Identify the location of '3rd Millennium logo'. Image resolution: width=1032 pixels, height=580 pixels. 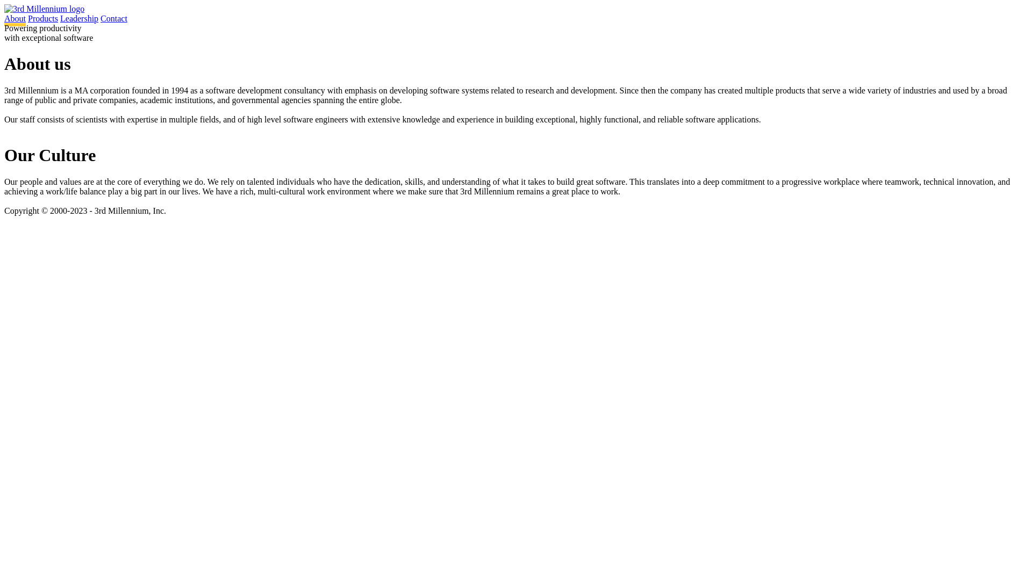
(44, 9).